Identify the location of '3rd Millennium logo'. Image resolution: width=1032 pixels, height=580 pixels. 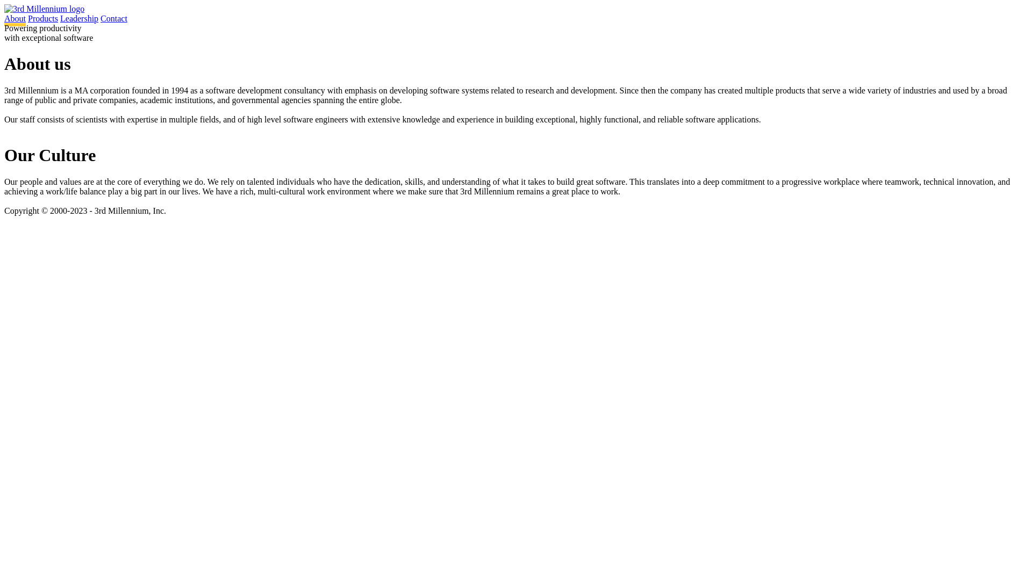
(44, 9).